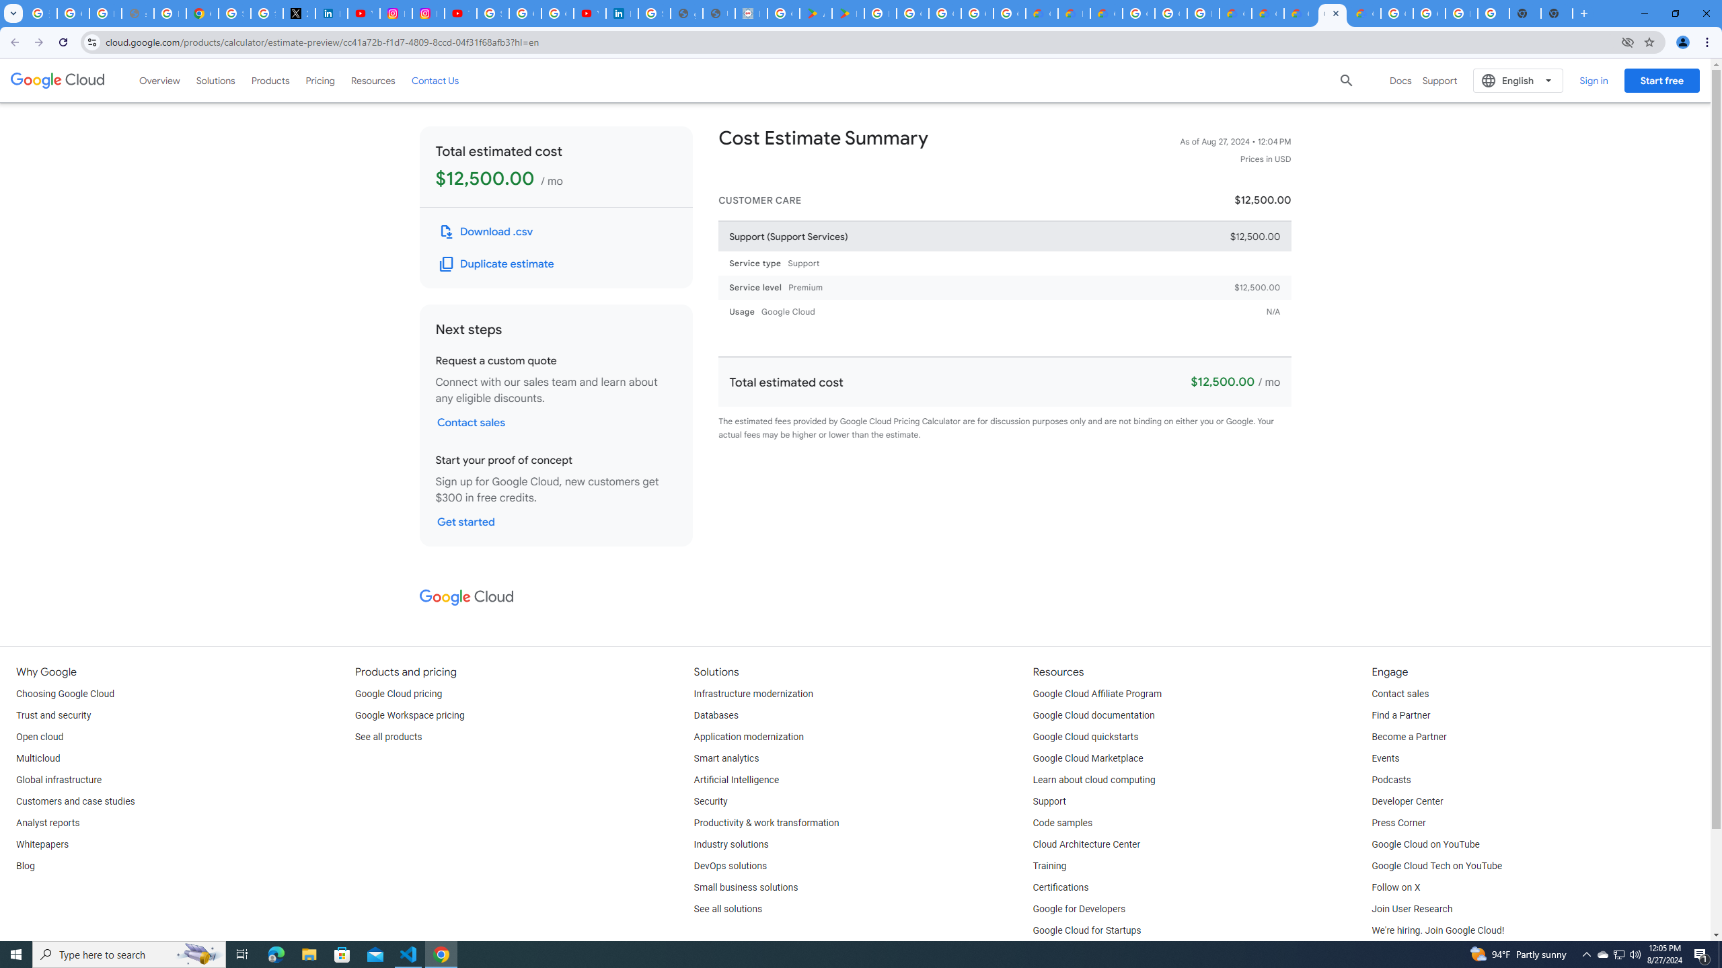 This screenshot has height=968, width=1722. I want to click on 'Contact Us', so click(435, 80).